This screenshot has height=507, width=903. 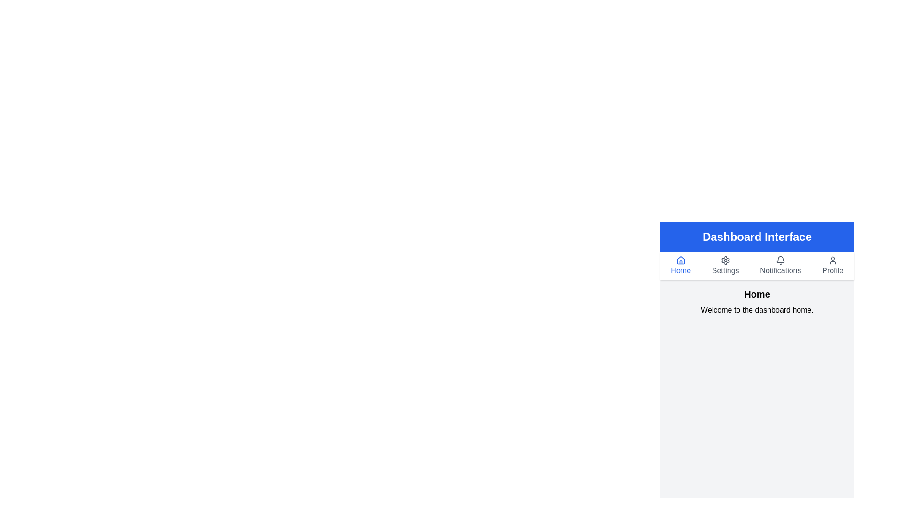 I want to click on the Notifications button, which features a bell icon and the text 'Notifications', so click(x=780, y=266).